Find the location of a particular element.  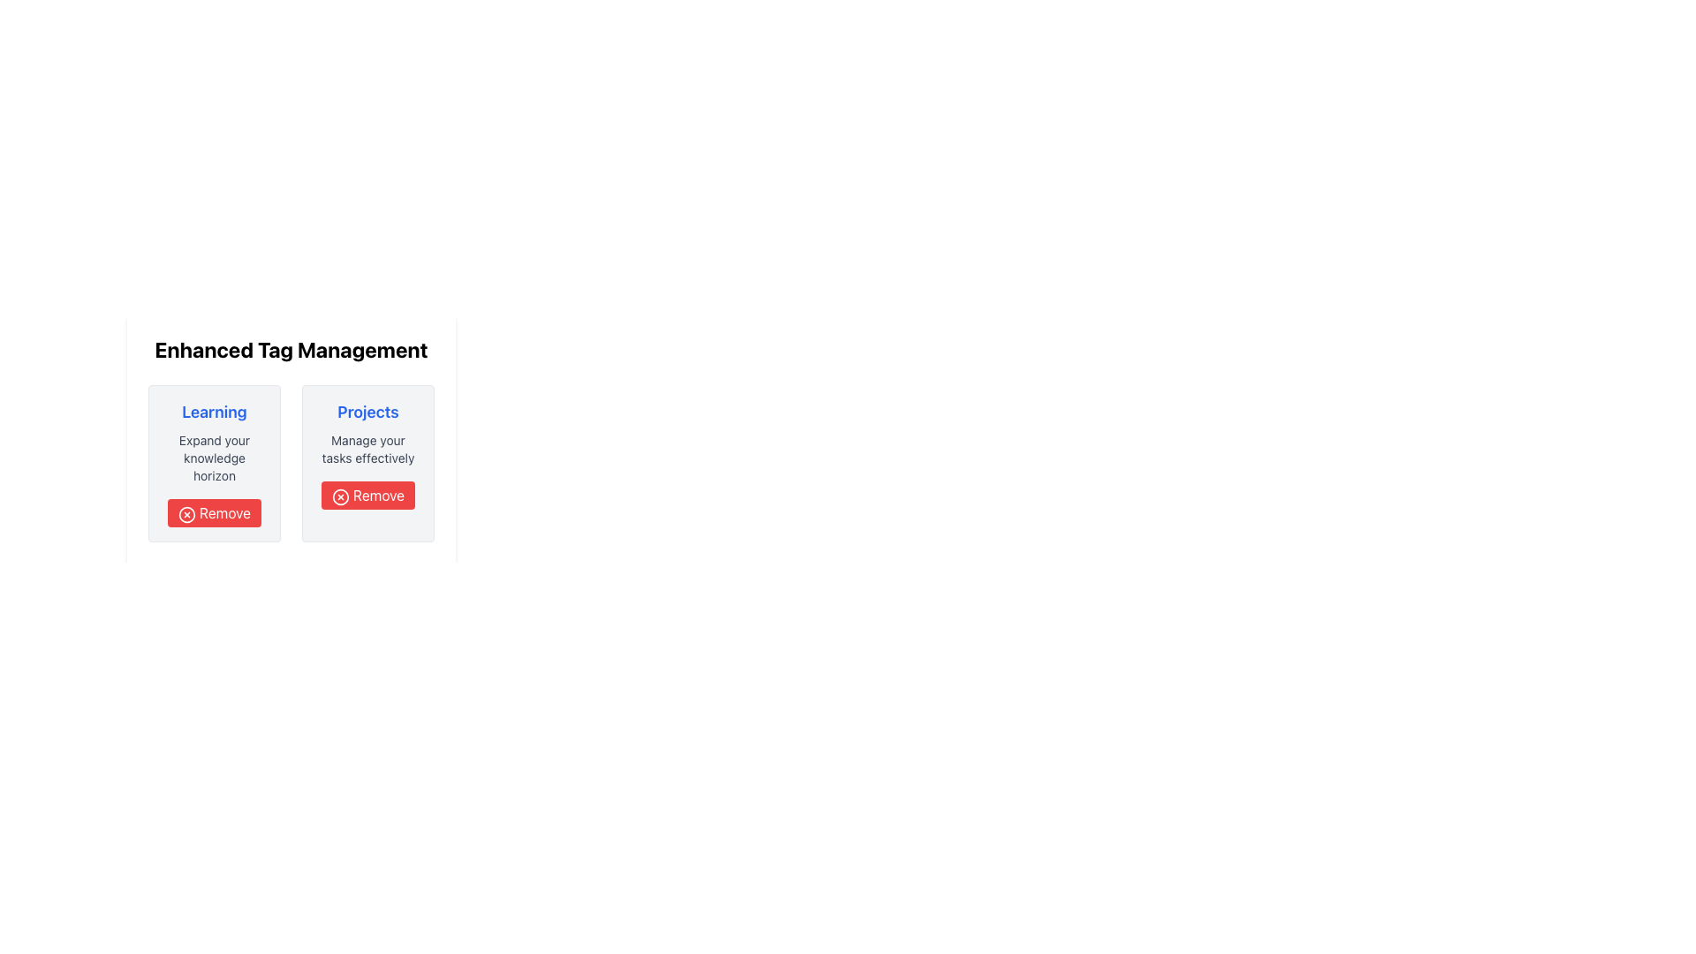

the 'Learning' text label, which indicates a section or category within the Enhanced Tag Management layout is located at coordinates (214, 412).